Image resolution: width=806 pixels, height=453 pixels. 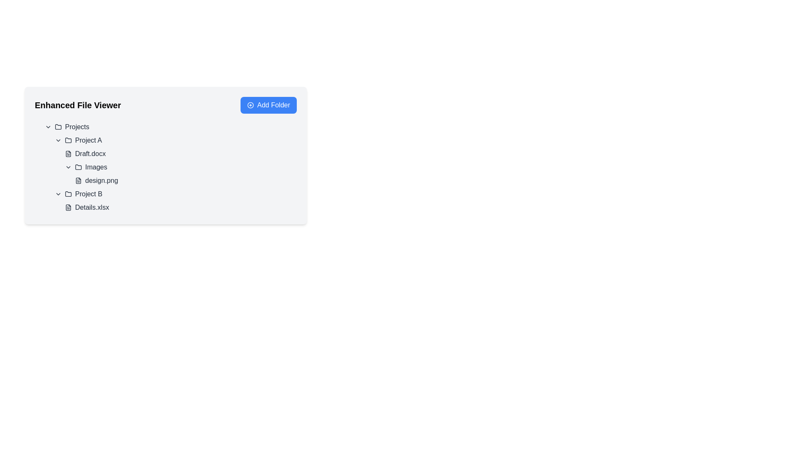 What do you see at coordinates (170, 200) in the screenshot?
I see `the 'Details.xlsx' file entry in the tree view` at bounding box center [170, 200].